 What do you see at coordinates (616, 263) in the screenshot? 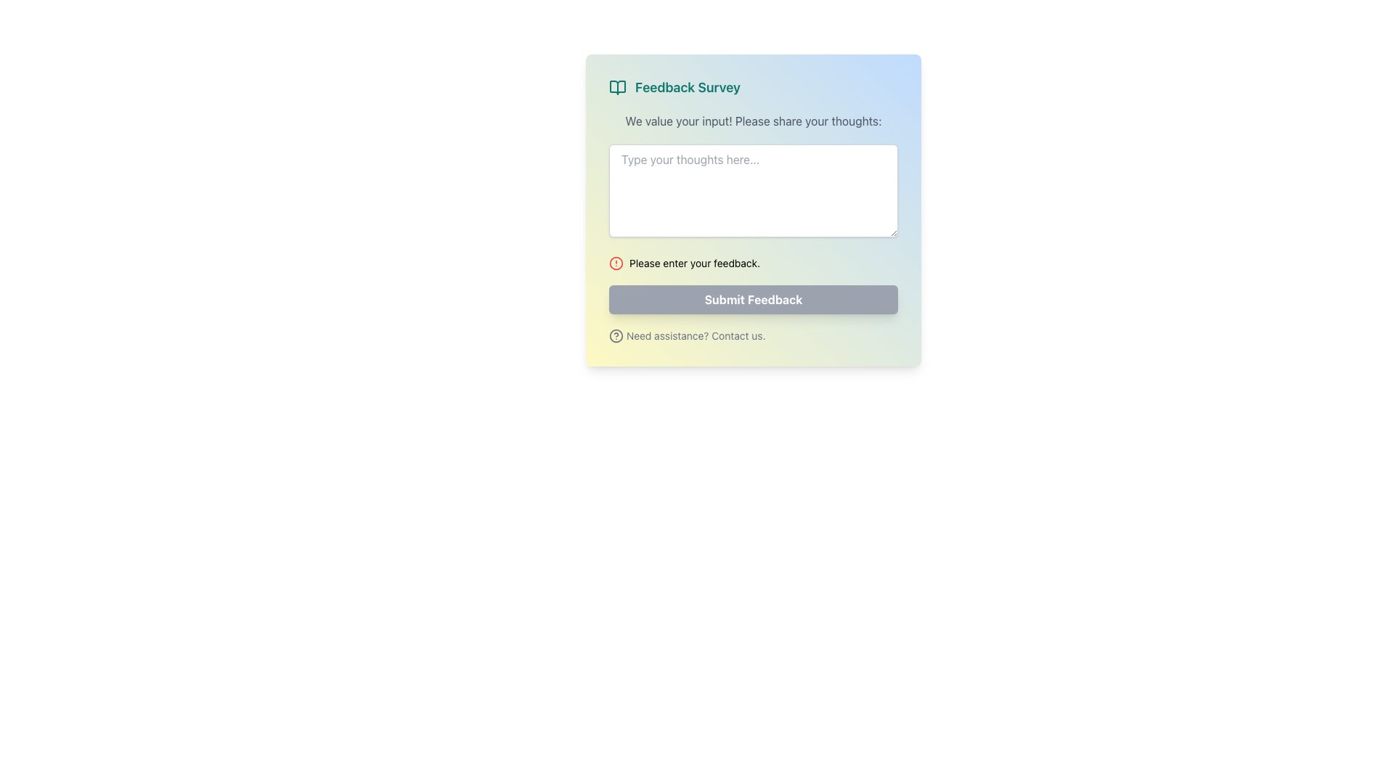
I see `the decorative circular SVG shape that is part of the warning icon in the feedback survey form, located under the text input box` at bounding box center [616, 263].